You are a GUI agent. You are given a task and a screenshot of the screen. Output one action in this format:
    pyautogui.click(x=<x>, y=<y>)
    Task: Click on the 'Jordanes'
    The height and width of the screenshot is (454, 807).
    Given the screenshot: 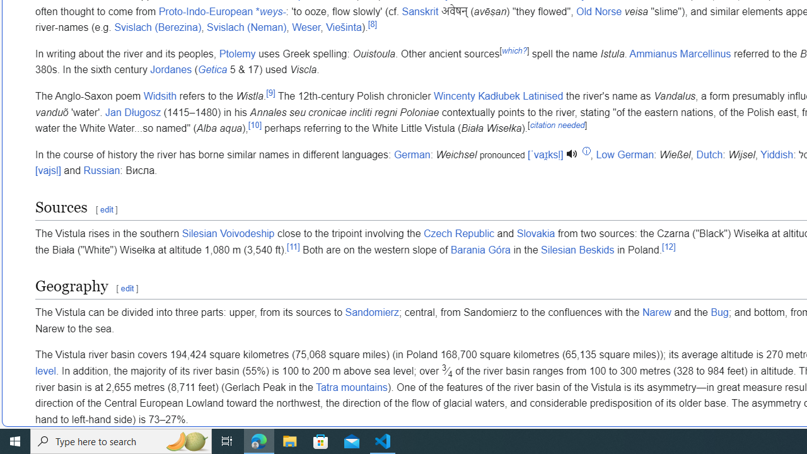 What is the action you would take?
    pyautogui.click(x=170, y=70)
    